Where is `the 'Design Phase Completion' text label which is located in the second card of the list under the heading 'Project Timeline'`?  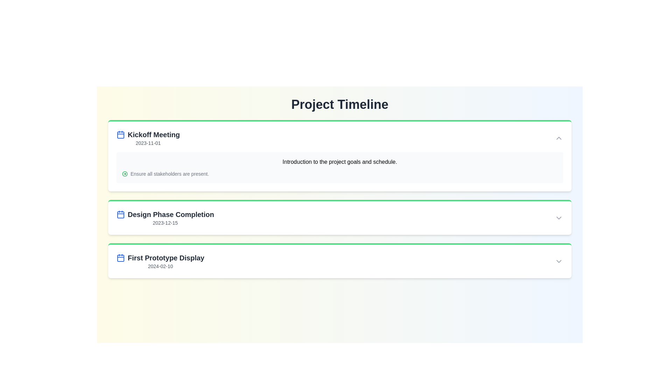 the 'Design Phase Completion' text label which is located in the second card of the list under the heading 'Project Timeline' is located at coordinates (165, 218).